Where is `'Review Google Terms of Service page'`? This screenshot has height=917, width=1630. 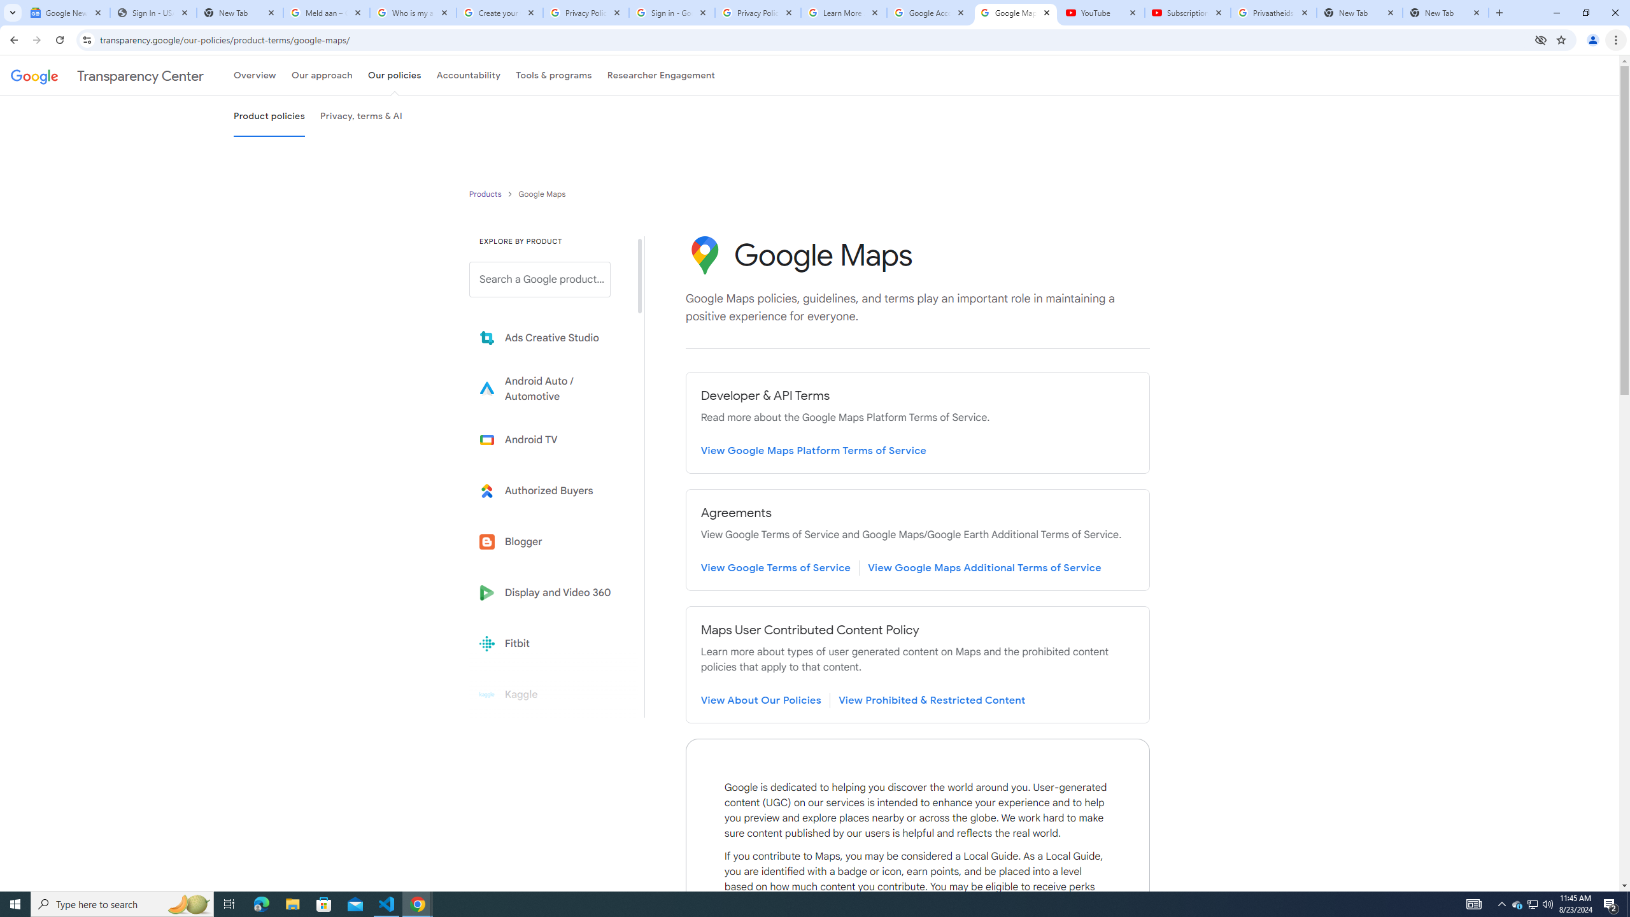 'Review Google Terms of Service page' is located at coordinates (776, 568).